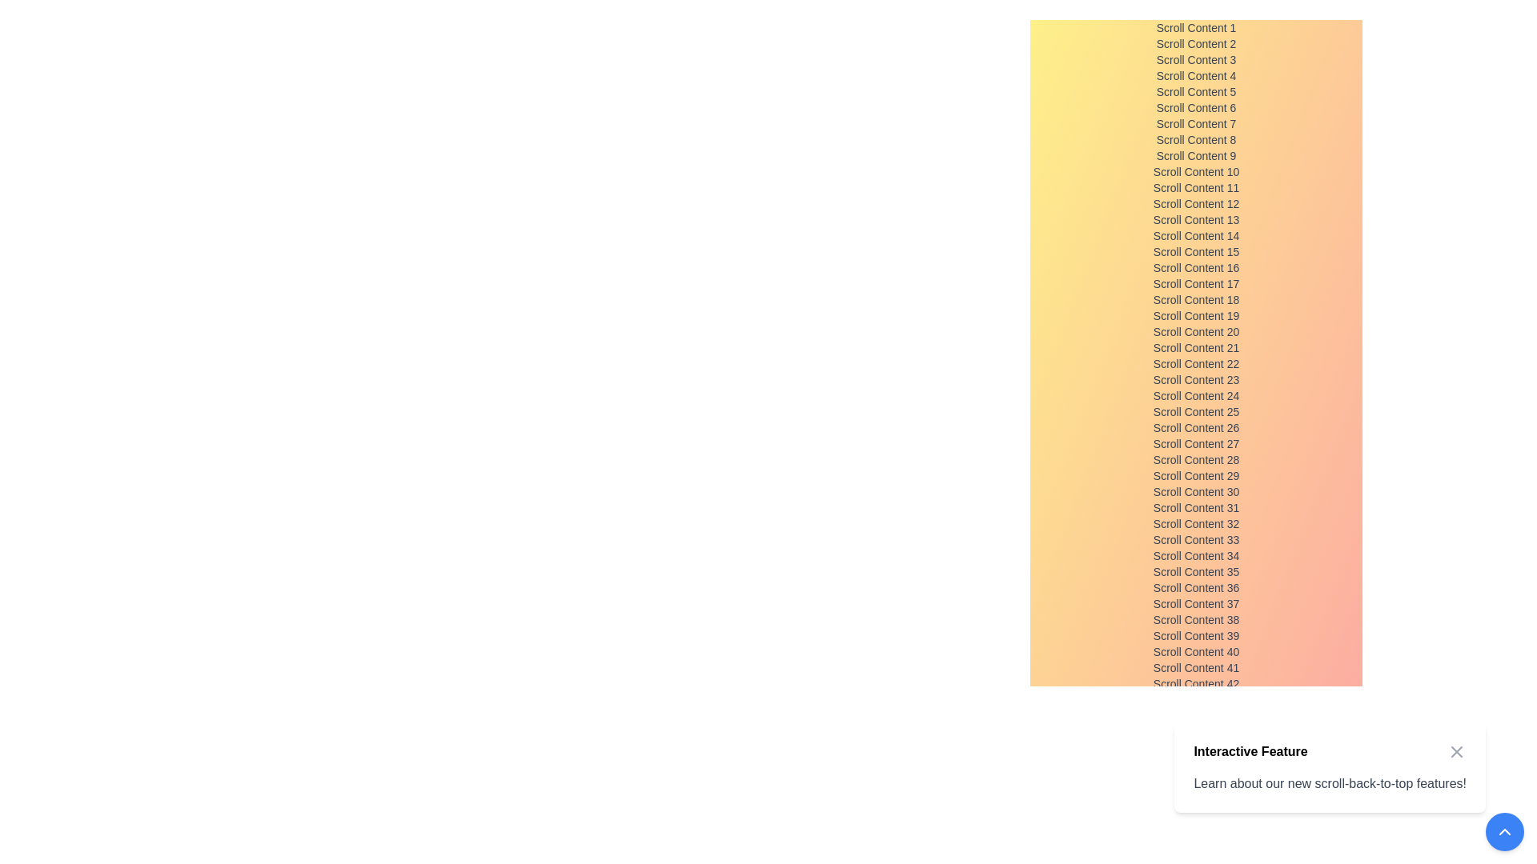 Image resolution: width=1537 pixels, height=864 pixels. What do you see at coordinates (1196, 92) in the screenshot?
I see `the non-interactive text label that indicates an item in the scrollable list, located as the fifth item between 'Scroll Content 4' and 'Scroll Content 6'` at bounding box center [1196, 92].